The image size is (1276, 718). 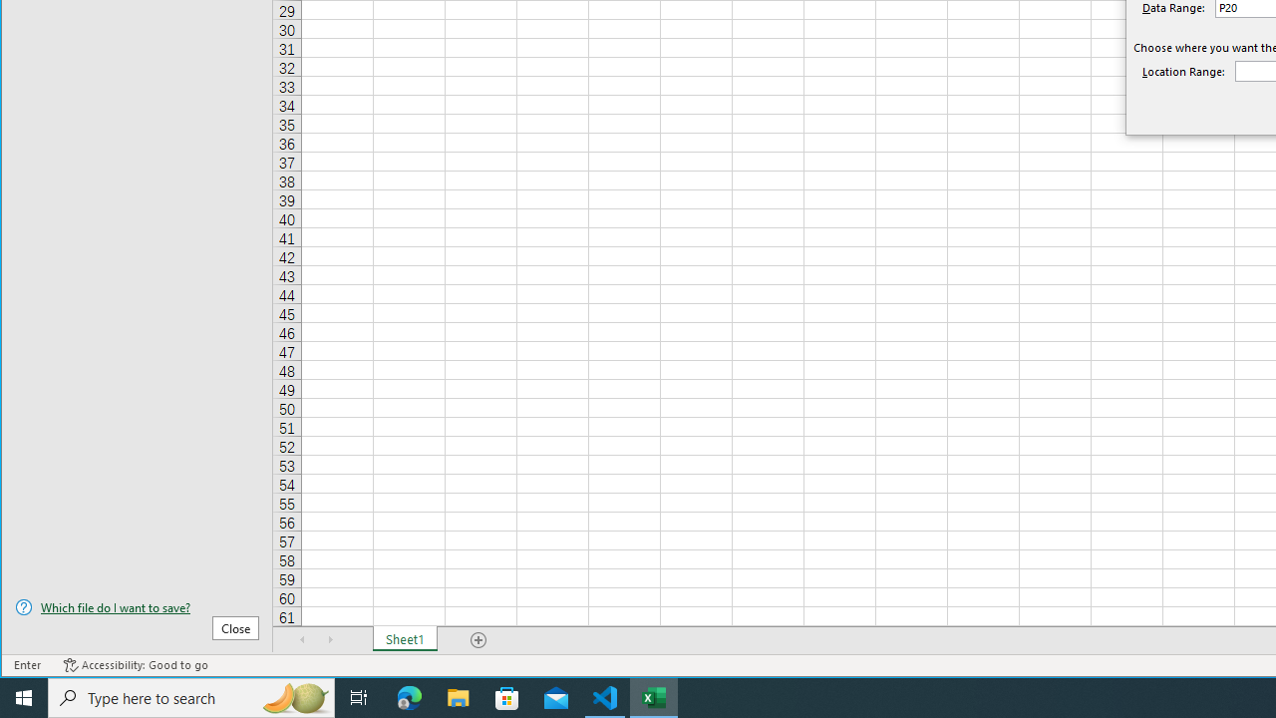 I want to click on 'Scroll Left', so click(x=302, y=639).